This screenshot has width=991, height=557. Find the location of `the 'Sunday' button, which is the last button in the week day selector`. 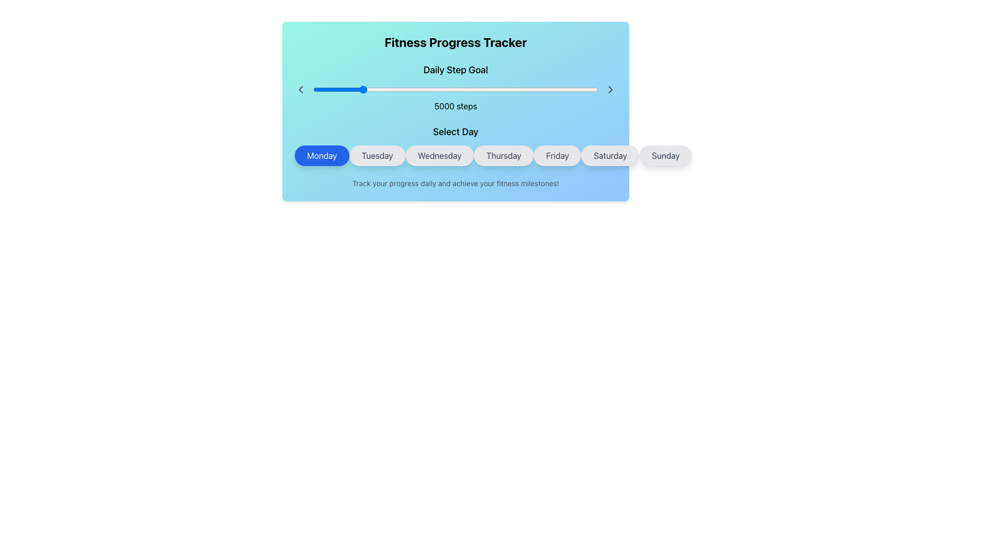

the 'Sunday' button, which is the last button in the week day selector is located at coordinates (666, 155).